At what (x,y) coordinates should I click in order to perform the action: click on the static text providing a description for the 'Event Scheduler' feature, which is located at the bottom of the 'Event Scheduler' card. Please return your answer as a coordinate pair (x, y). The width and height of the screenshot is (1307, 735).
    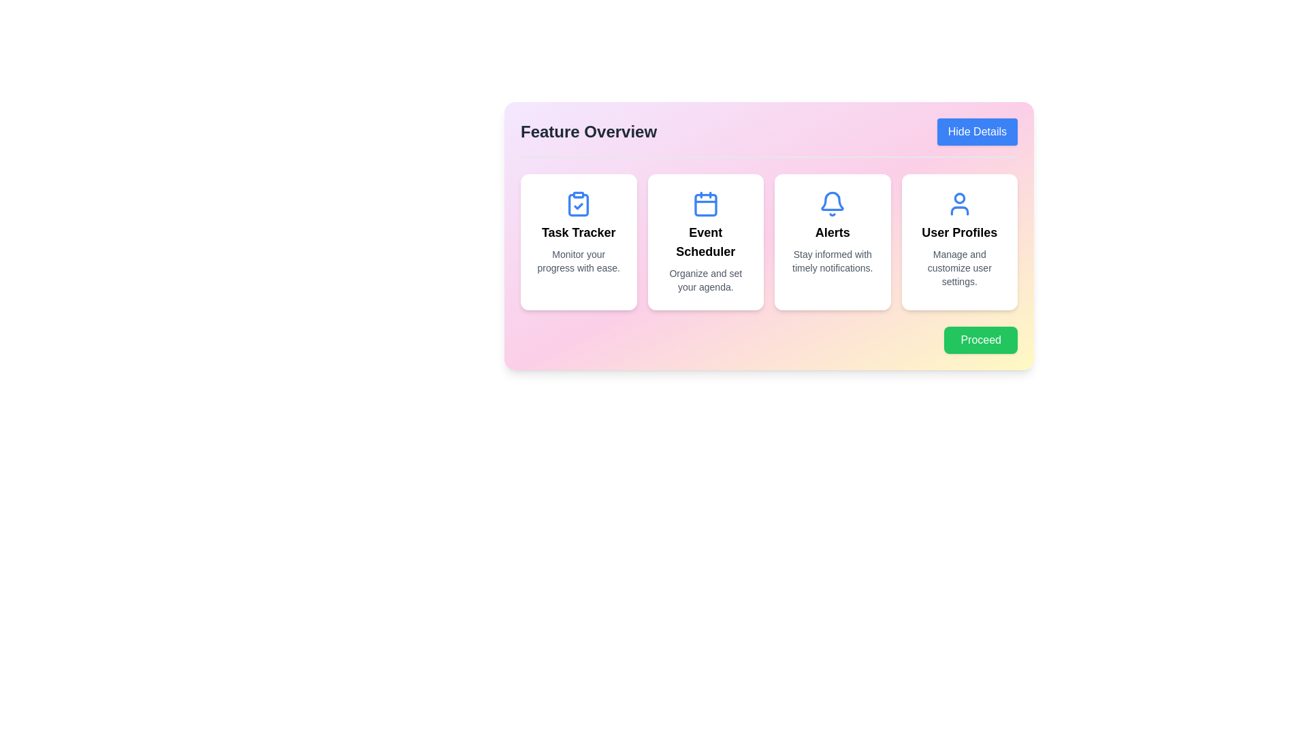
    Looking at the image, I should click on (705, 280).